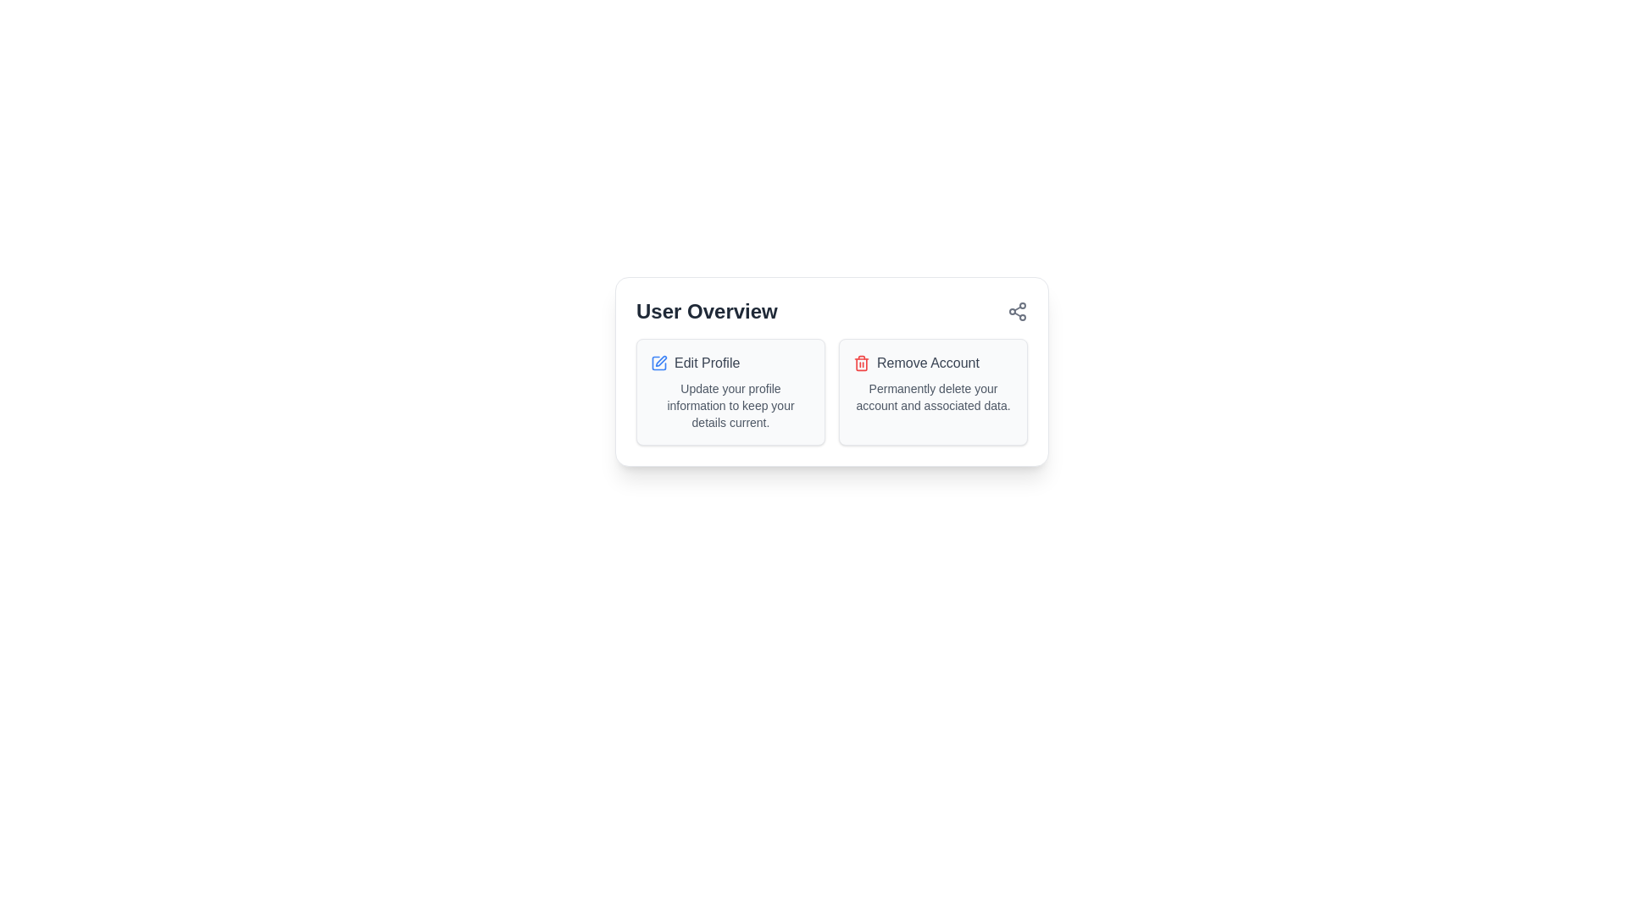 This screenshot has height=915, width=1627. What do you see at coordinates (658, 362) in the screenshot?
I see `the 'Edit Profile' icon located in the first segment of the 'Edit Profile' section, to the left of the text label 'Edit Profile'` at bounding box center [658, 362].